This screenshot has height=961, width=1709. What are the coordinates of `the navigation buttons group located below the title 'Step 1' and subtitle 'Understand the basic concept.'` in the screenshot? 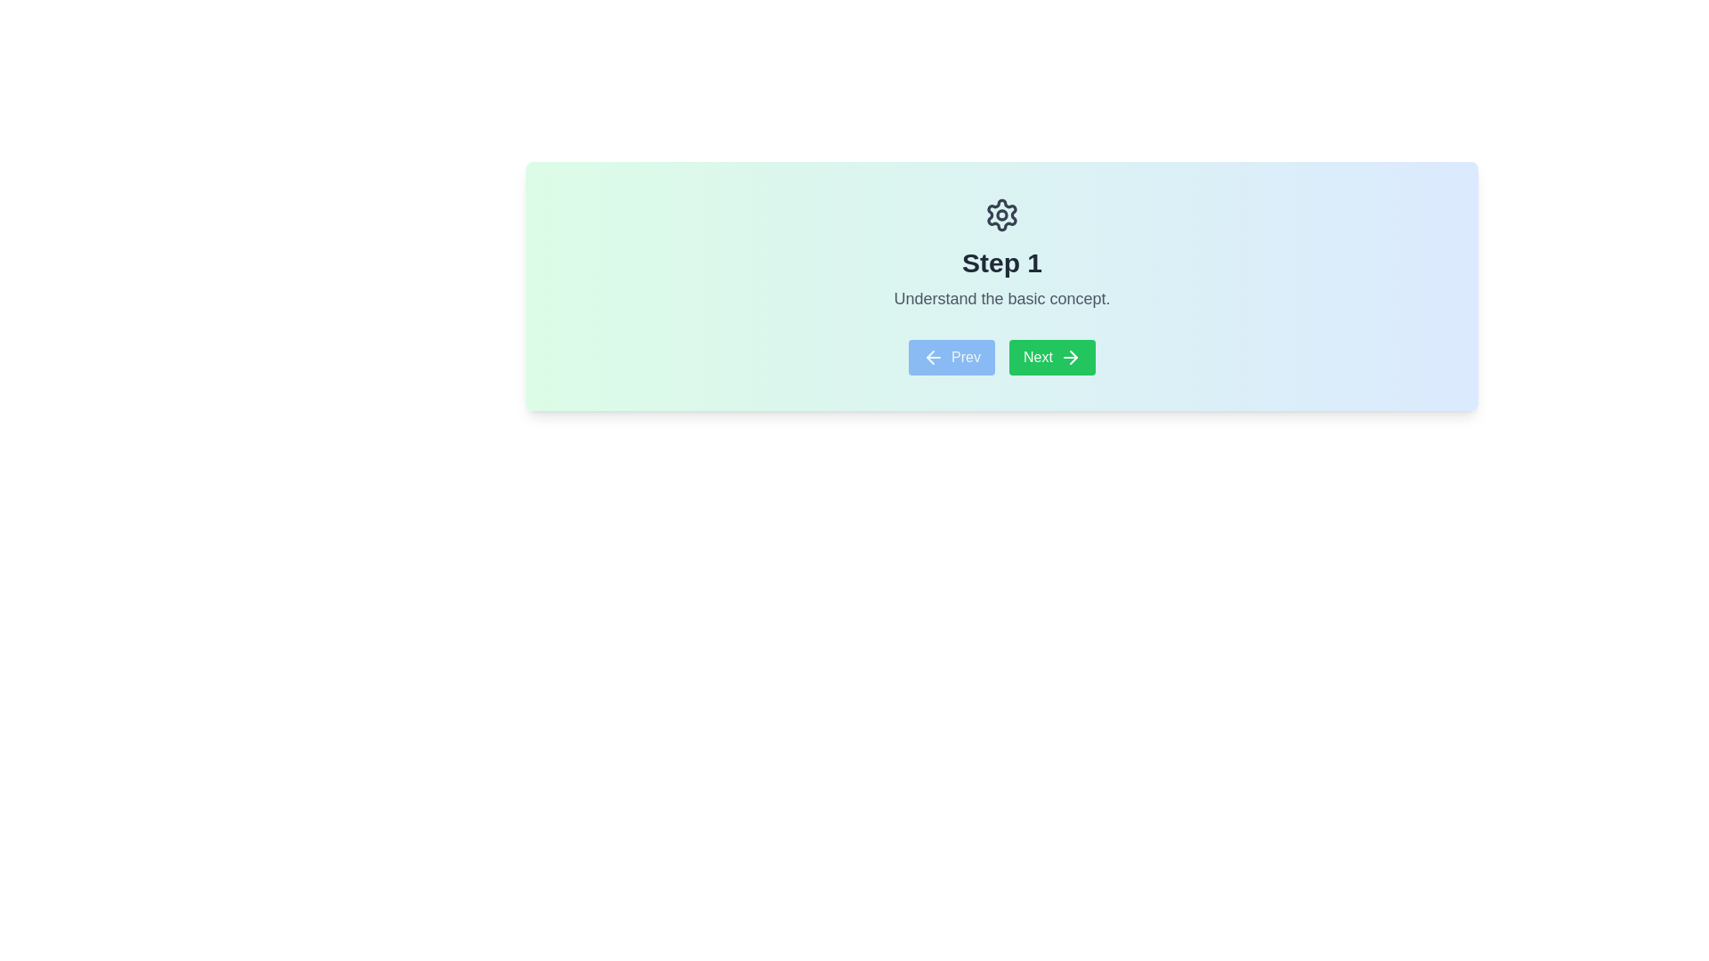 It's located at (1002, 357).